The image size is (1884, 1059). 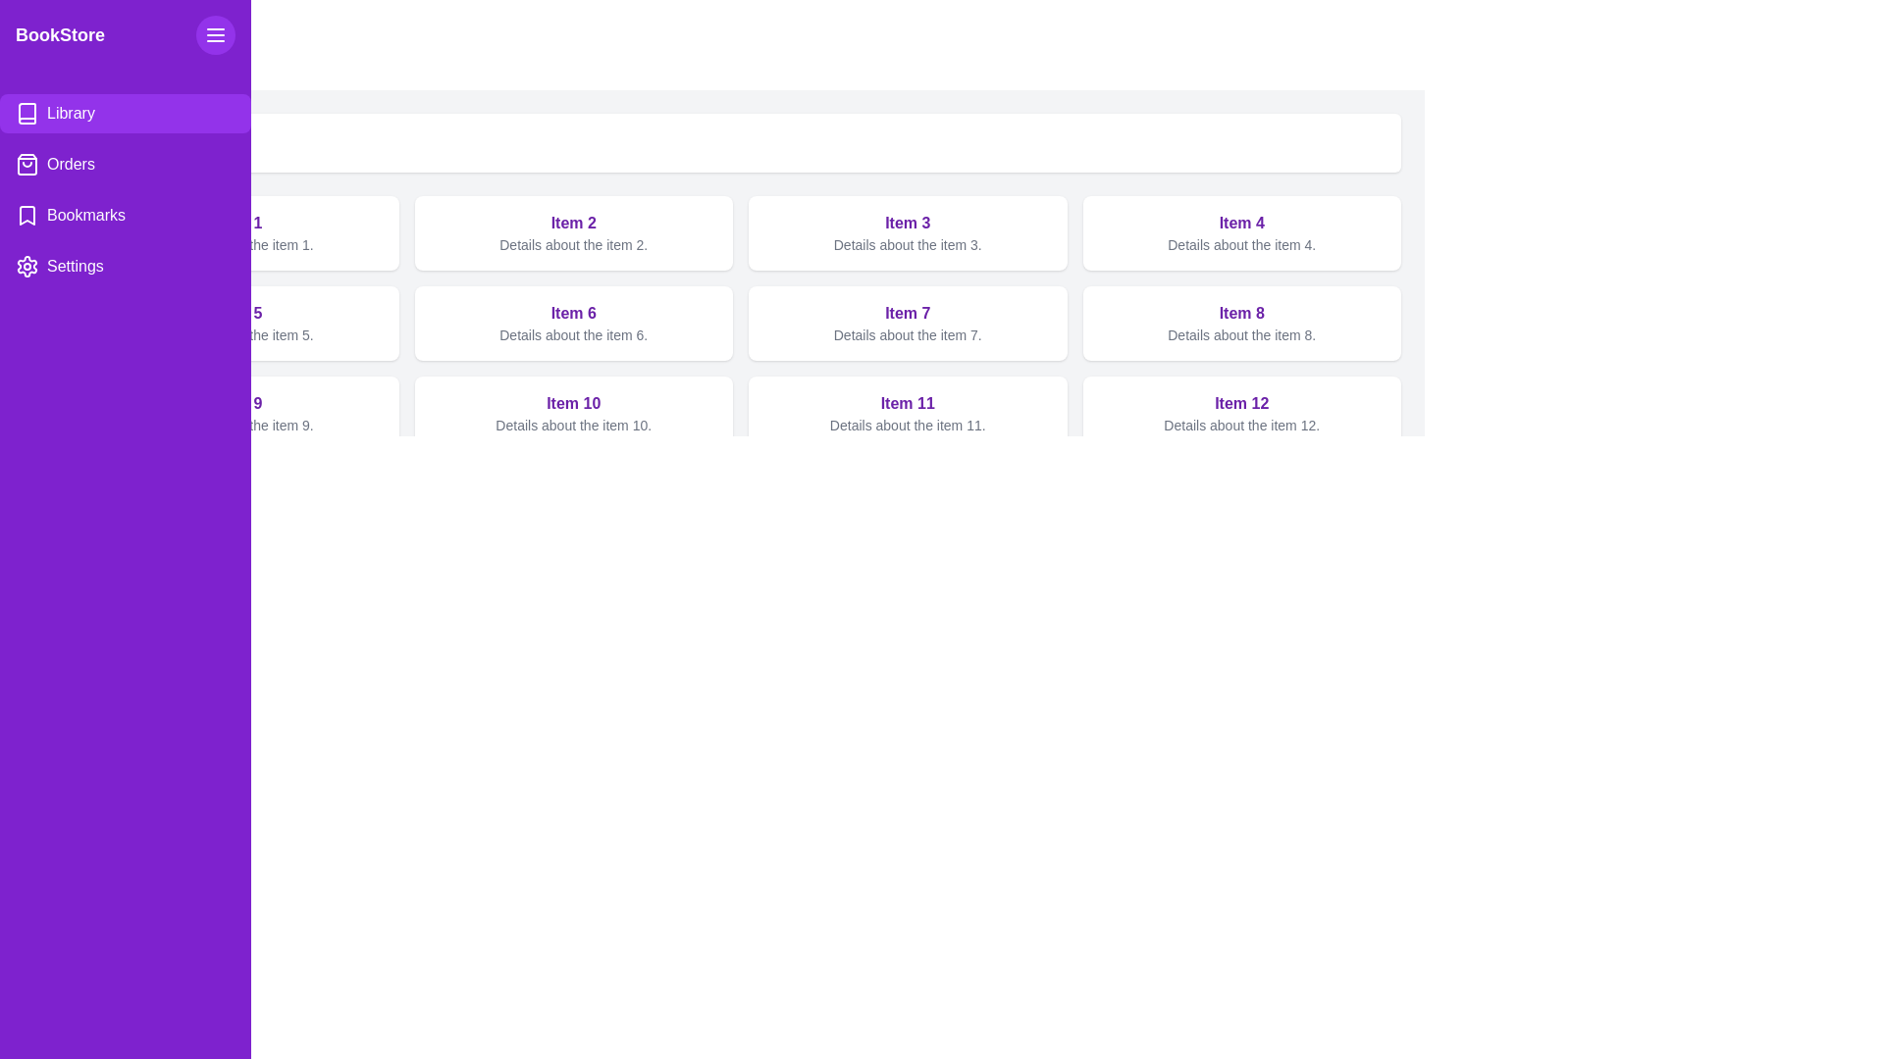 What do you see at coordinates (216, 34) in the screenshot?
I see `the circular purple button with a white menu icon at the top-right corner of the 'BookStore' header` at bounding box center [216, 34].